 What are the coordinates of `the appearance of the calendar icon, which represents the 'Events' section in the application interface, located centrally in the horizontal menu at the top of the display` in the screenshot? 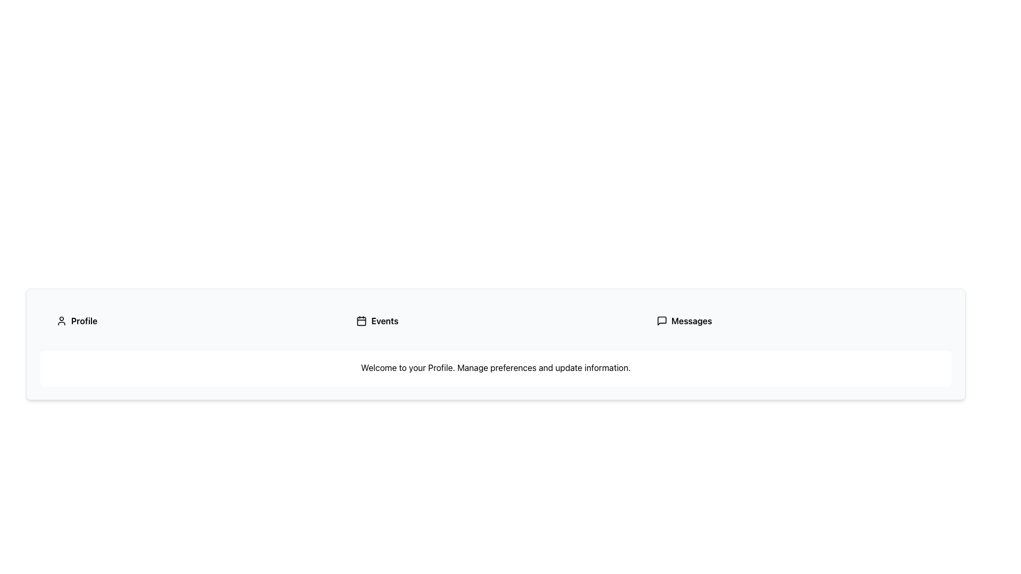 It's located at (362, 320).